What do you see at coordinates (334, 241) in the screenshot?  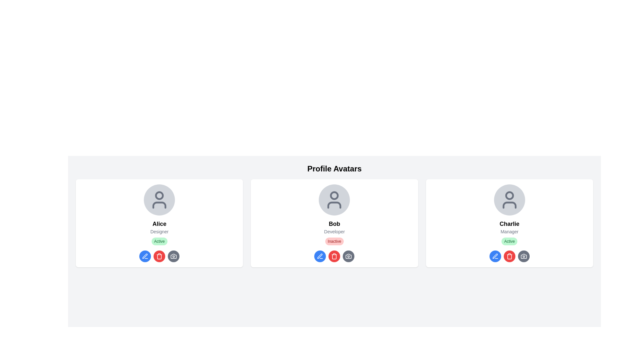 I see `the Status Label indicating the current status of Bob's profile as inactive, which is positioned below the 'Developer' text in the profile card` at bounding box center [334, 241].